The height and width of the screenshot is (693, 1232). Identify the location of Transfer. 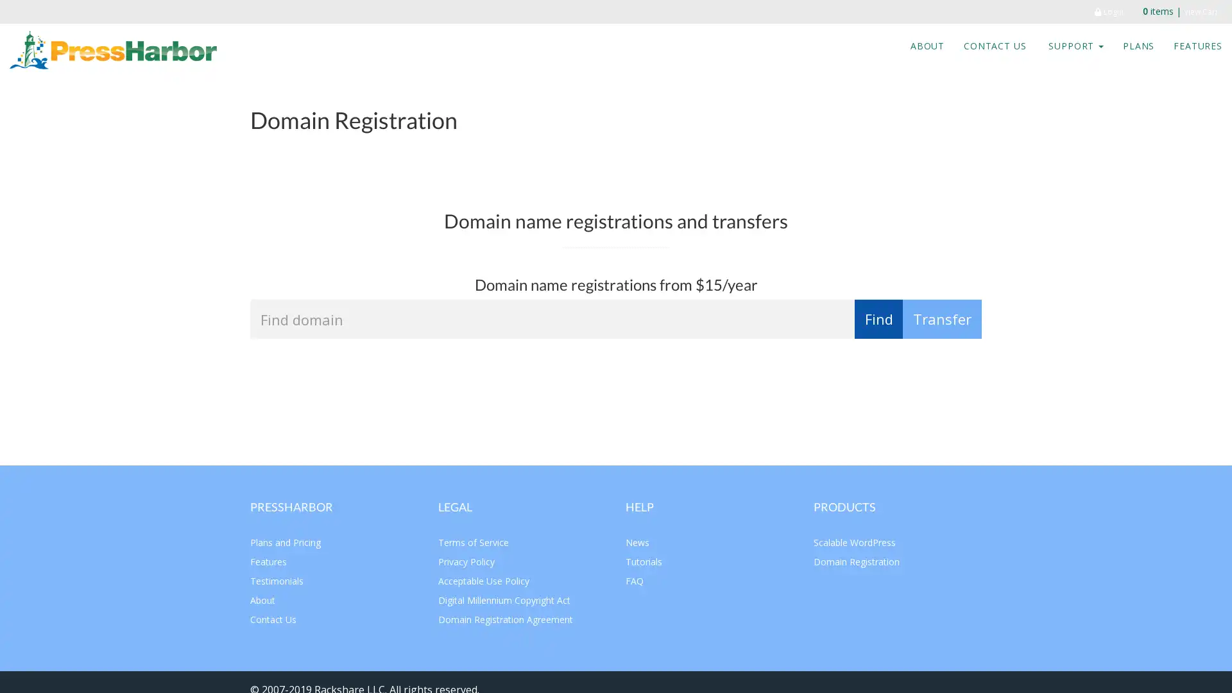
(942, 318).